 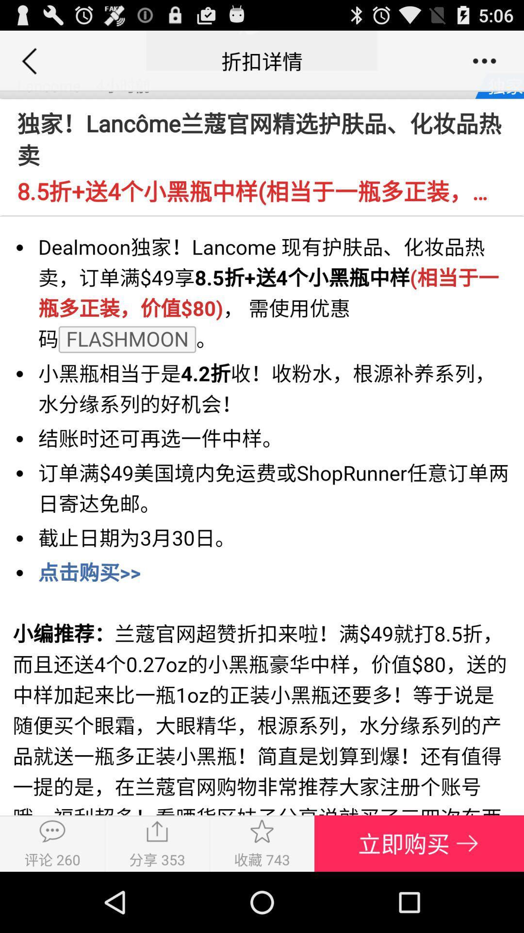 What do you see at coordinates (484, 65) in the screenshot?
I see `the more icon` at bounding box center [484, 65].